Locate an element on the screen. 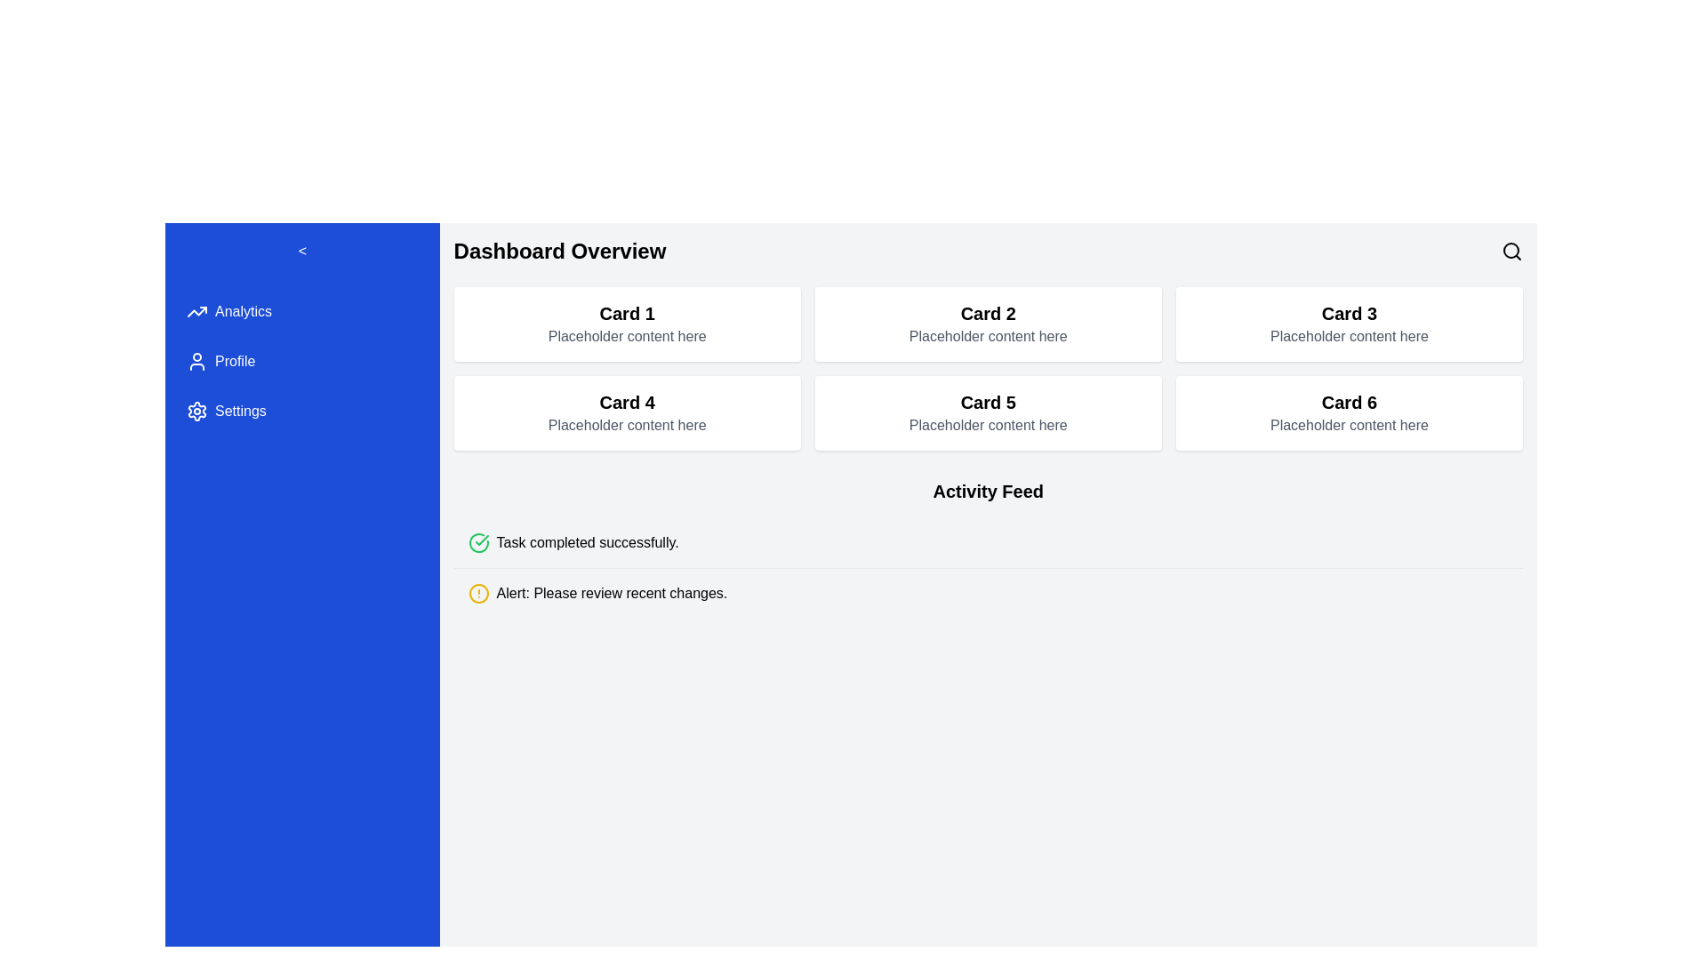 This screenshot has height=960, width=1707. the Navigation Button located in the sidebar menu, which is positioned below the 'Profile' button and above other menu options is located at coordinates (302, 411).